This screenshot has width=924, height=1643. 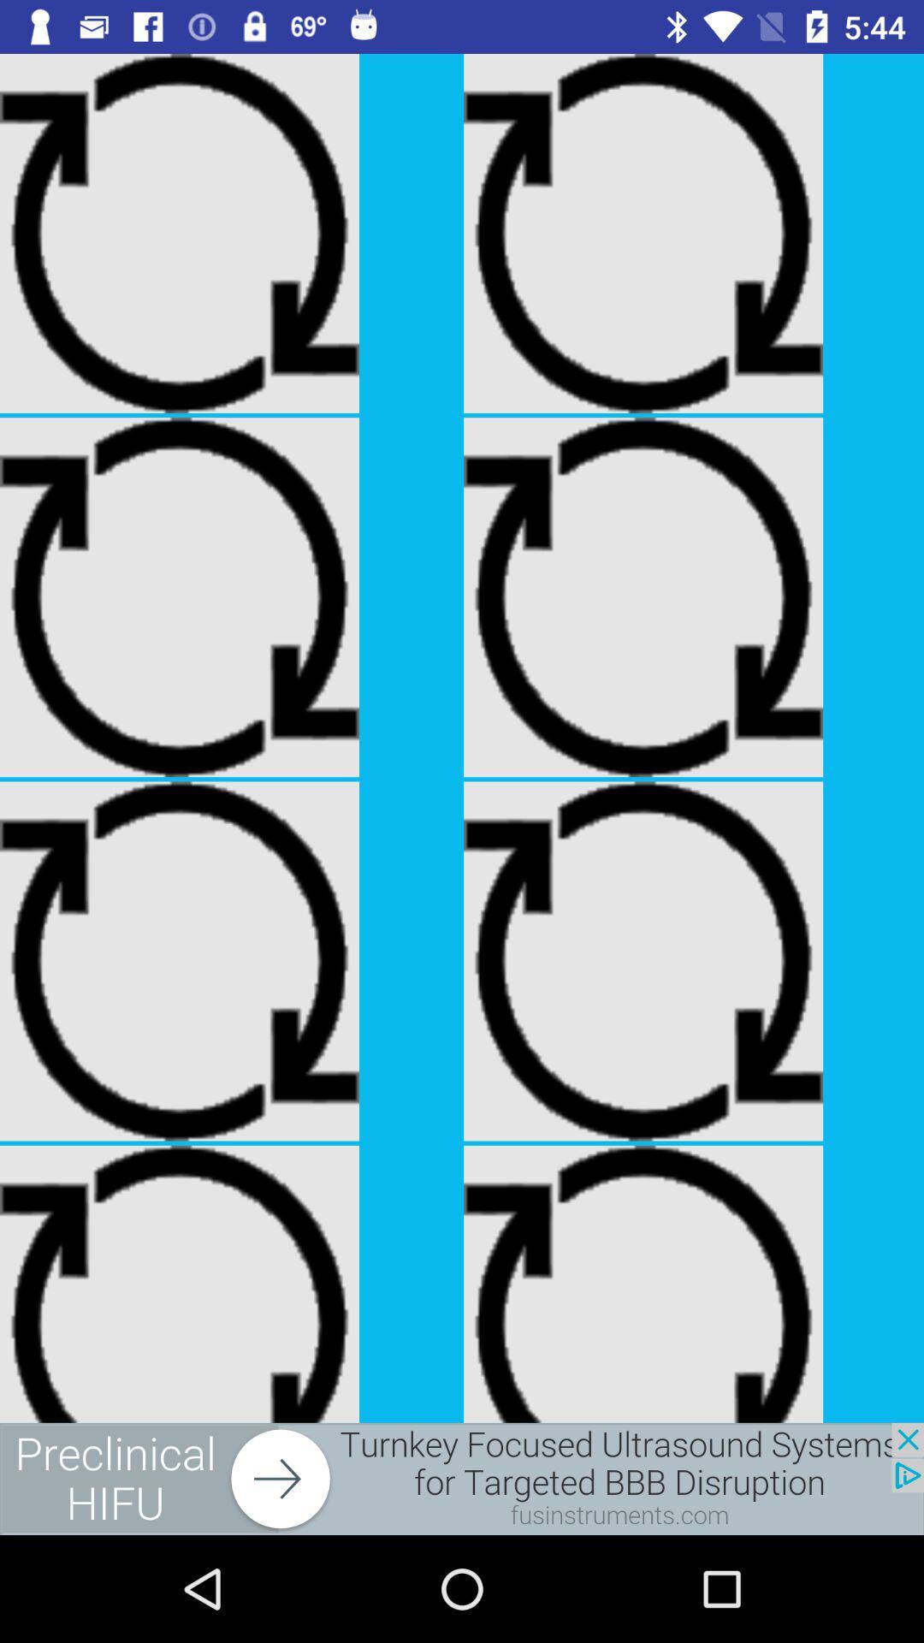 I want to click on advertisement for ultrasound systems, so click(x=462, y=1478).